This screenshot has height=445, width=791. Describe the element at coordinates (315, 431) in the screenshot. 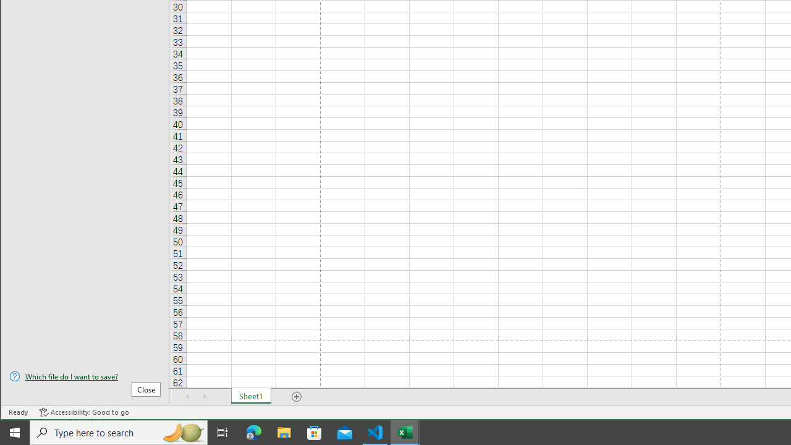

I see `'Microsoft Store'` at that location.